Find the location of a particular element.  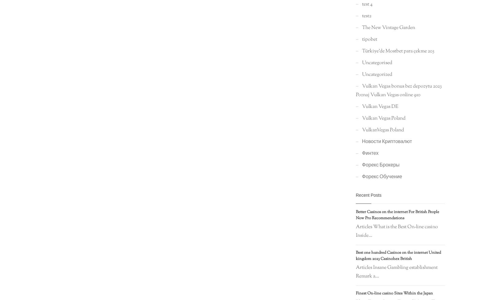

'Better Casinos on the internet For British People Now Pro Recommendations' is located at coordinates (397, 215).